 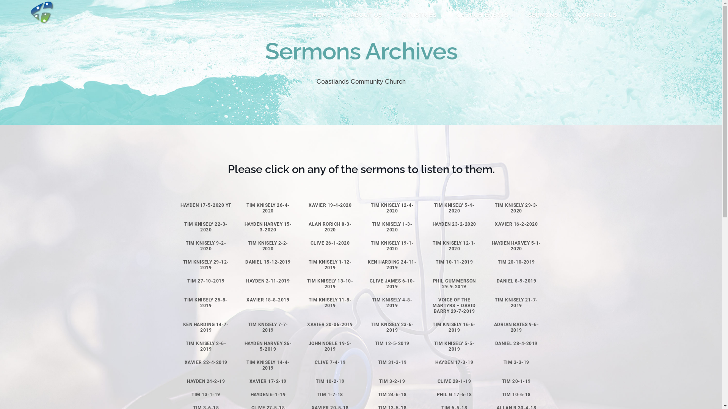 I want to click on 'PHIL G 17-6-18', so click(x=454, y=394).